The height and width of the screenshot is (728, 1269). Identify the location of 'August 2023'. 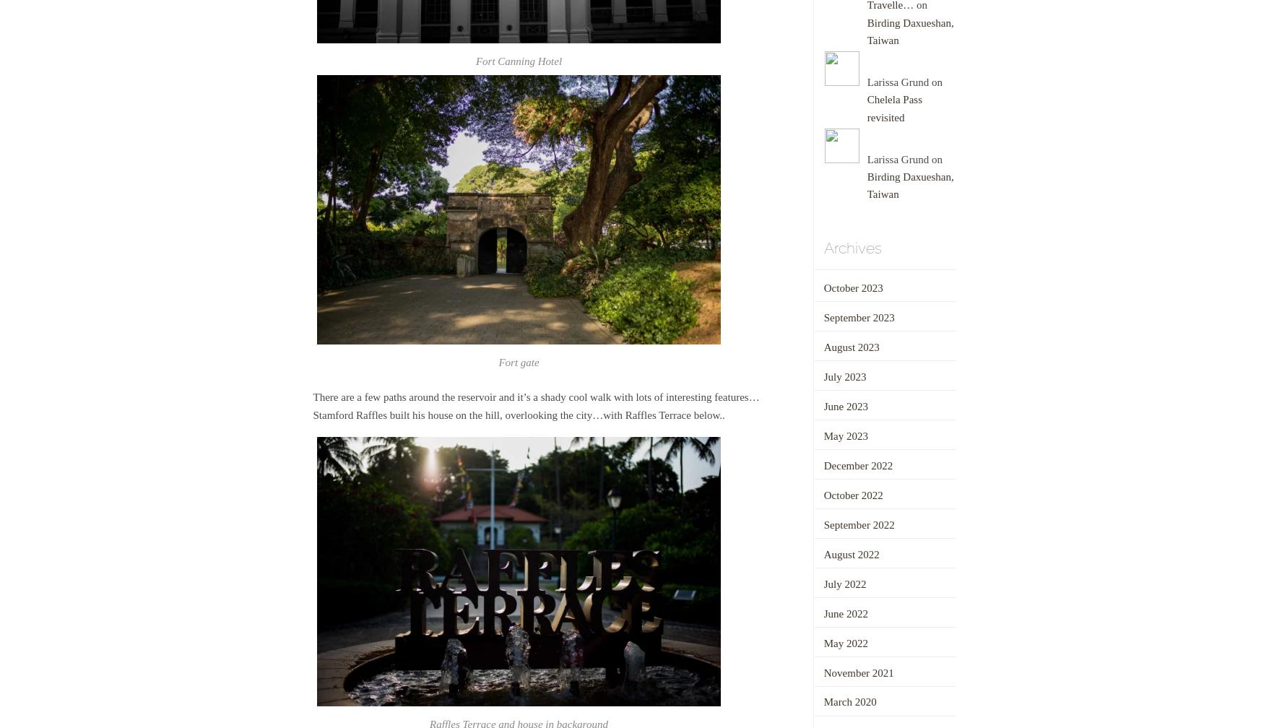
(850, 347).